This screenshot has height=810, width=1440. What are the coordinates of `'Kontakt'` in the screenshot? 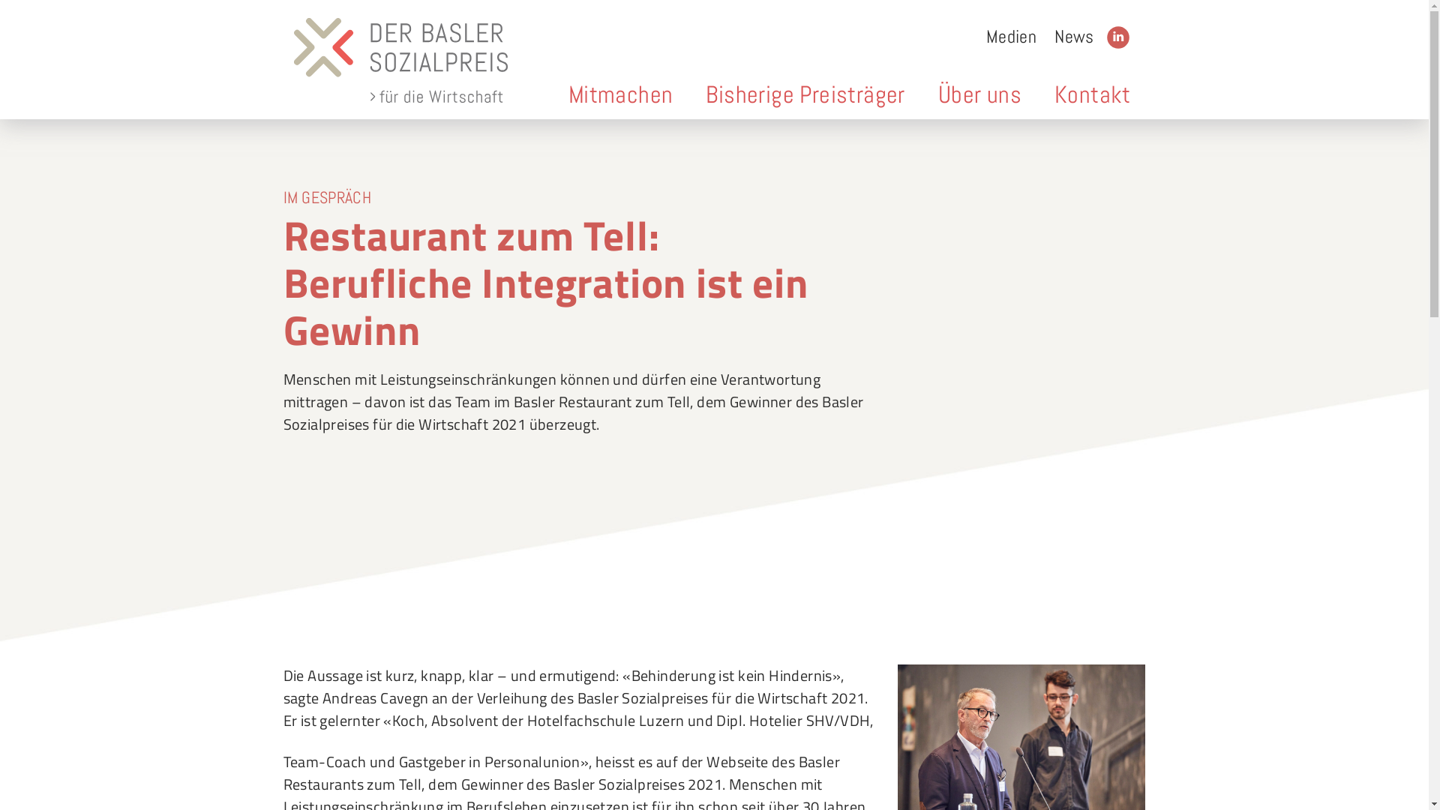 It's located at (1093, 94).